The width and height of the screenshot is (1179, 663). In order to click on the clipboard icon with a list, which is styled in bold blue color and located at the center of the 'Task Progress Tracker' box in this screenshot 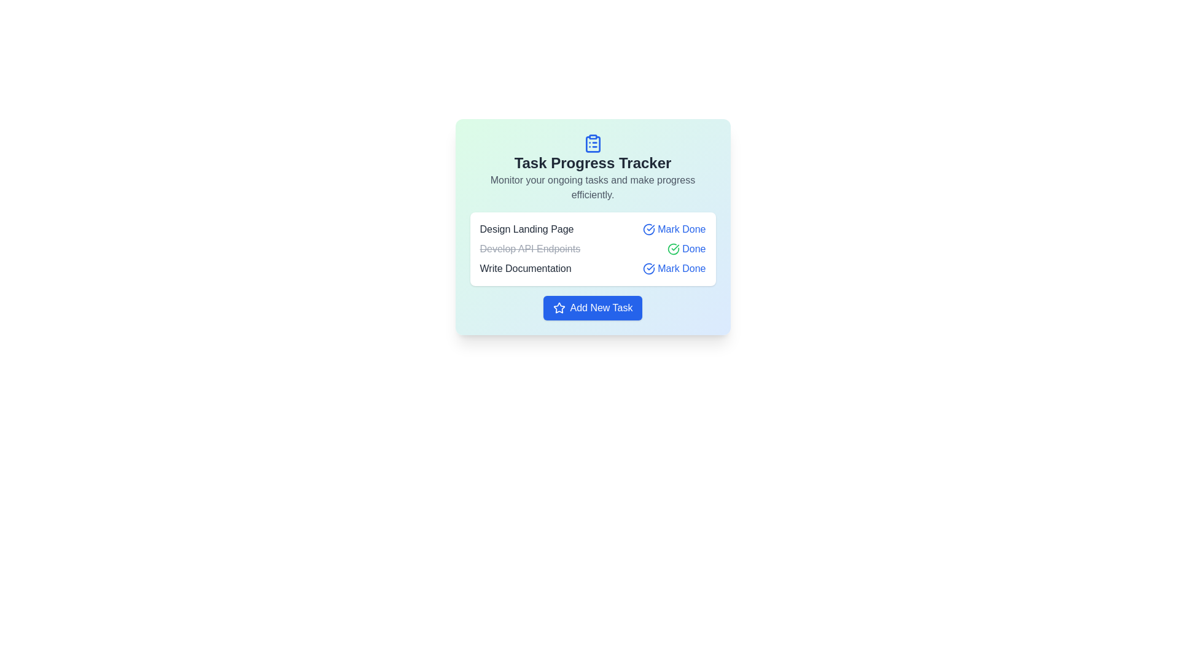, I will do `click(593, 143)`.